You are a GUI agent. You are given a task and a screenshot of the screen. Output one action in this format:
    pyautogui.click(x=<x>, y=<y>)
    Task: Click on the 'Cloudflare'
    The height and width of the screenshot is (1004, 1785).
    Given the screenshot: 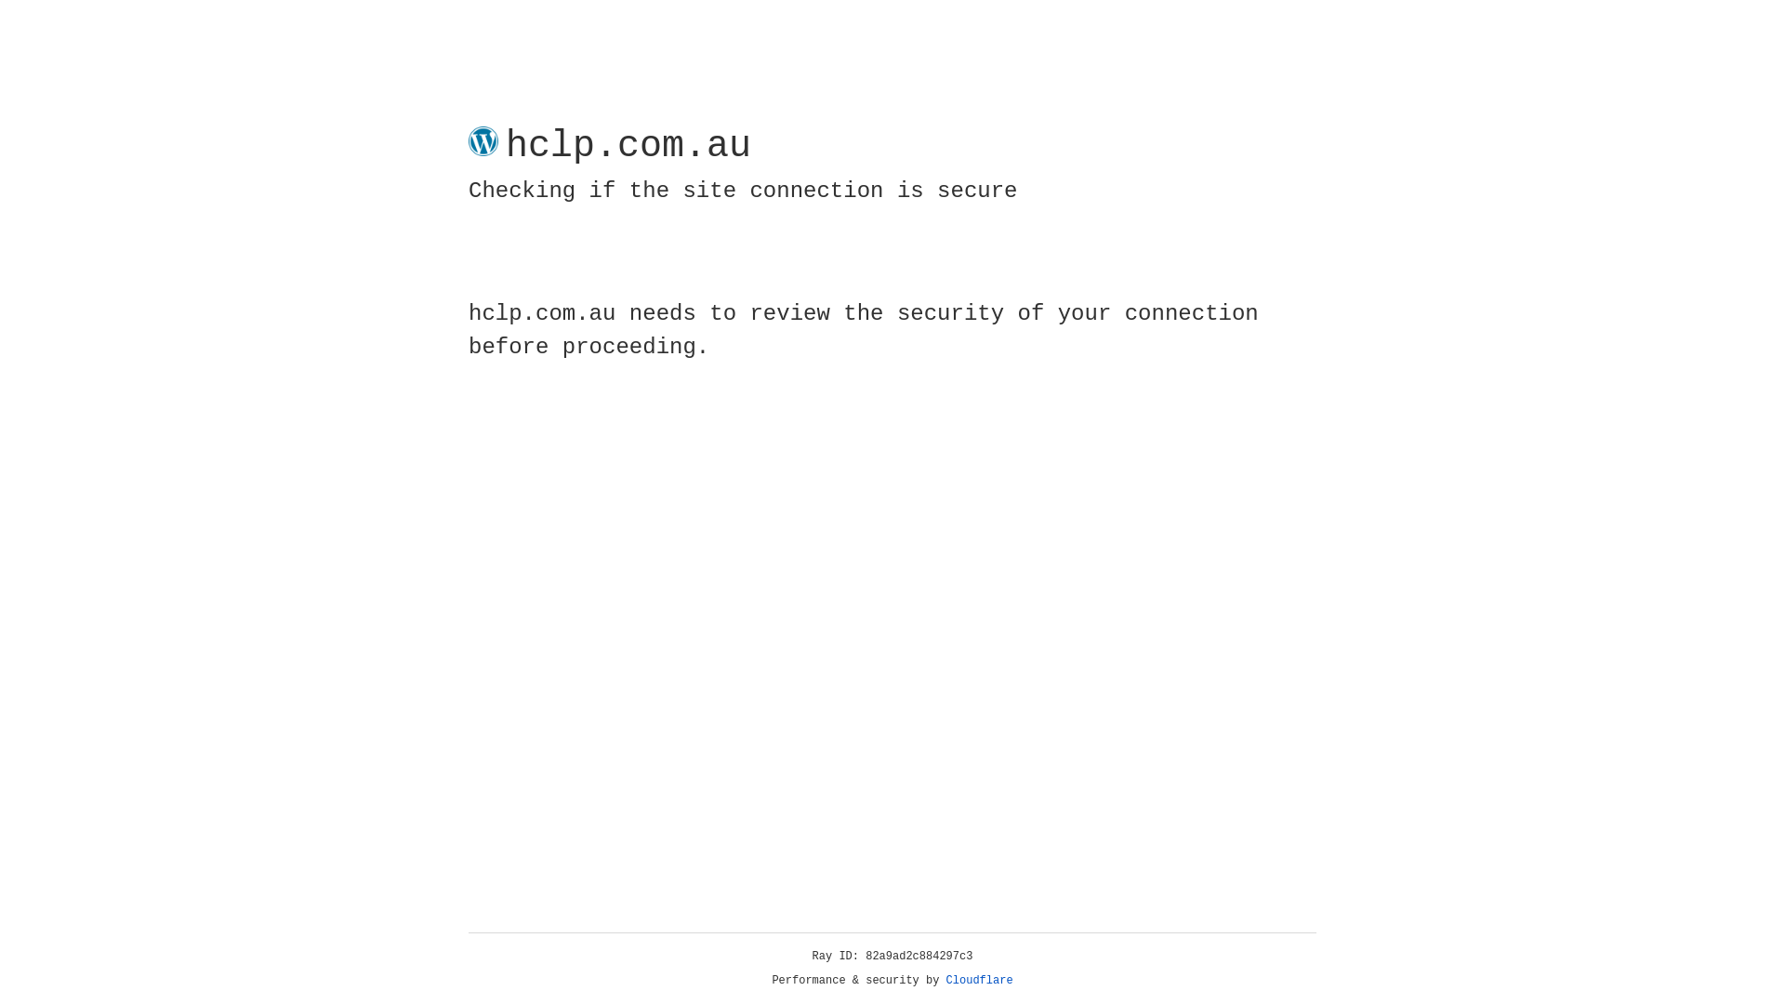 What is the action you would take?
    pyautogui.click(x=979, y=980)
    